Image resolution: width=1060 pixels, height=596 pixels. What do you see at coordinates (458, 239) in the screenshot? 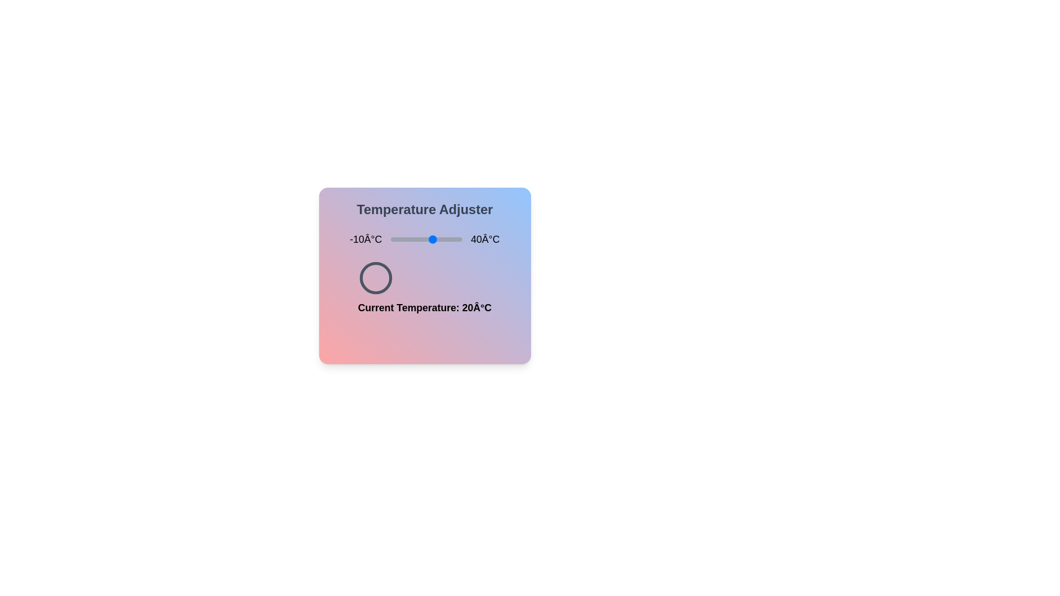
I see `the temperature slider to 37°C` at bounding box center [458, 239].